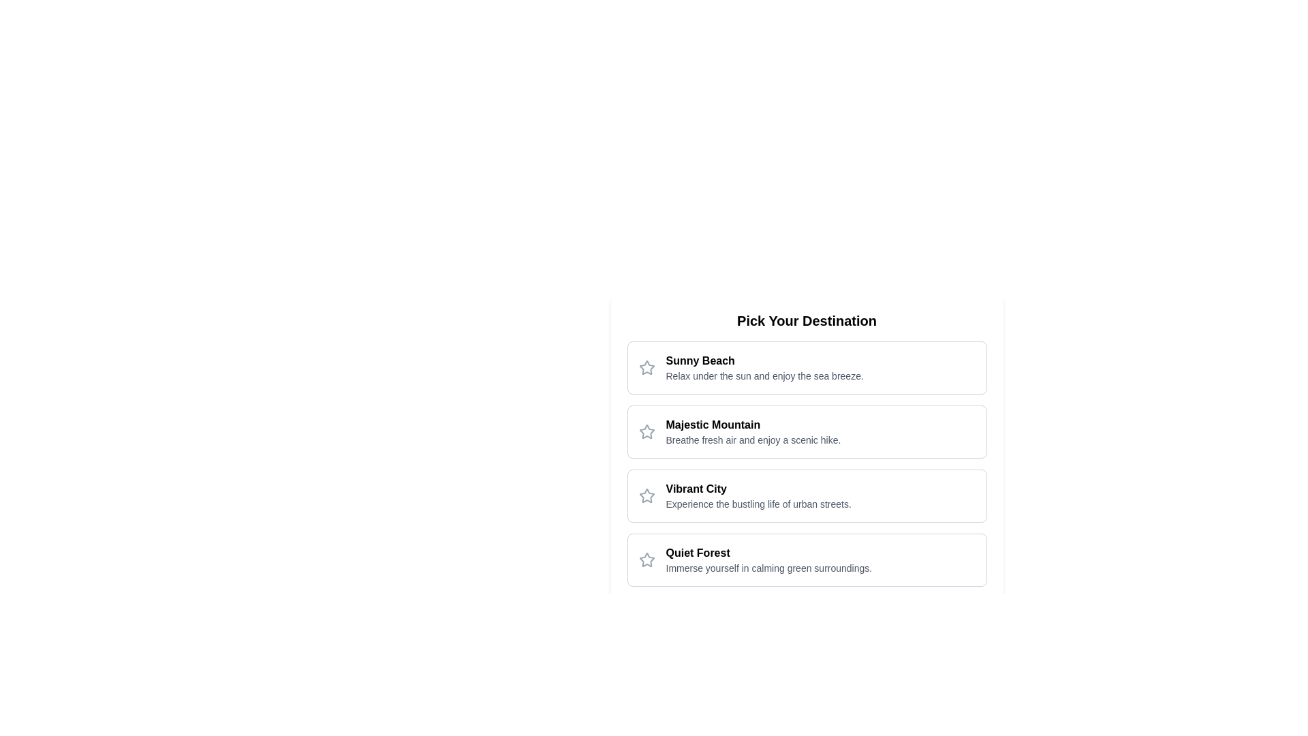  What do you see at coordinates (807, 559) in the screenshot?
I see `the 'Quiet Forest' destination card, which is the last item in the vertical list of destination options` at bounding box center [807, 559].